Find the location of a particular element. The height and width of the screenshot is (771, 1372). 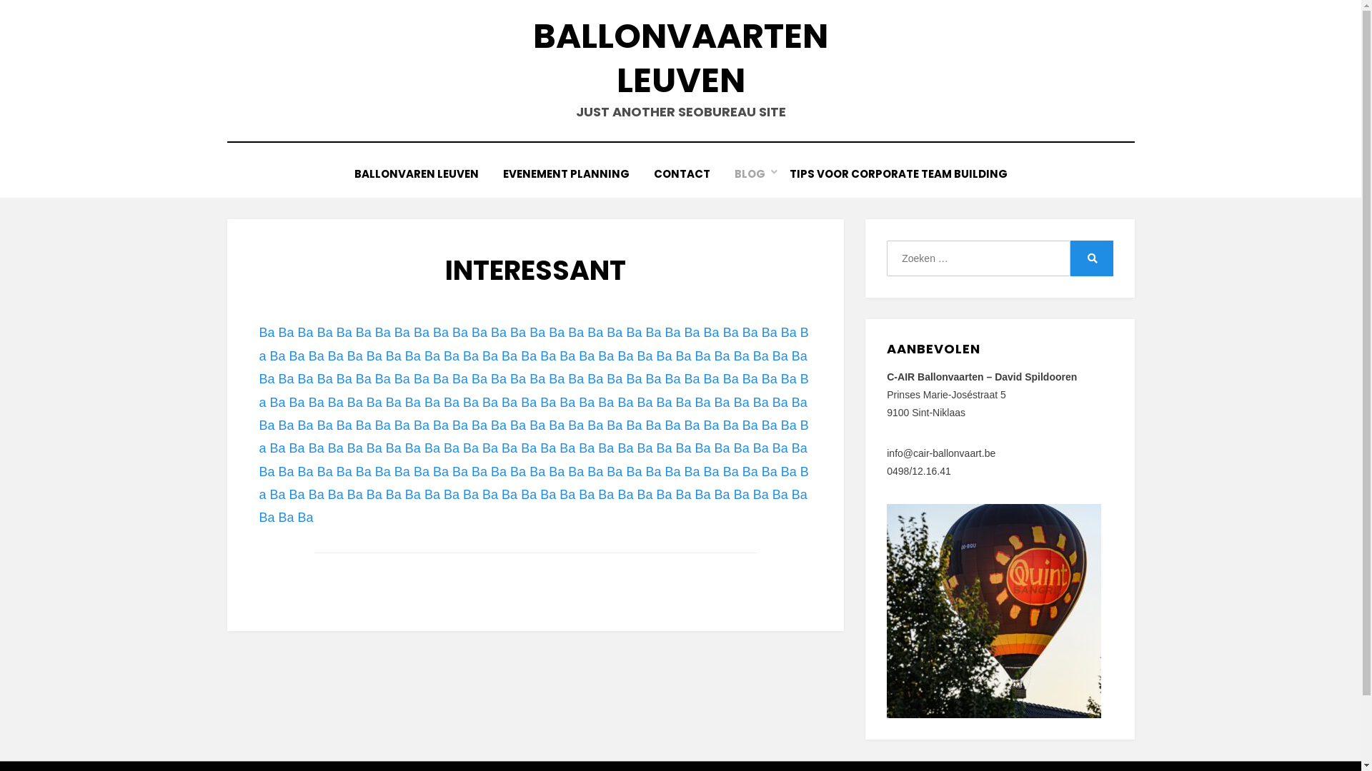

'Ba' is located at coordinates (730, 378).